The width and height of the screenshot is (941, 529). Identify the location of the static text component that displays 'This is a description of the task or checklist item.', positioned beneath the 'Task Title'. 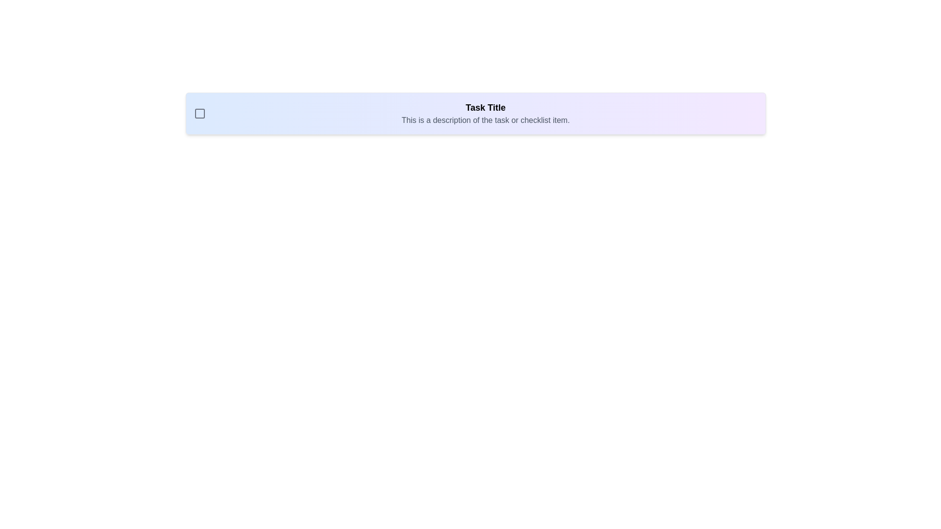
(485, 120).